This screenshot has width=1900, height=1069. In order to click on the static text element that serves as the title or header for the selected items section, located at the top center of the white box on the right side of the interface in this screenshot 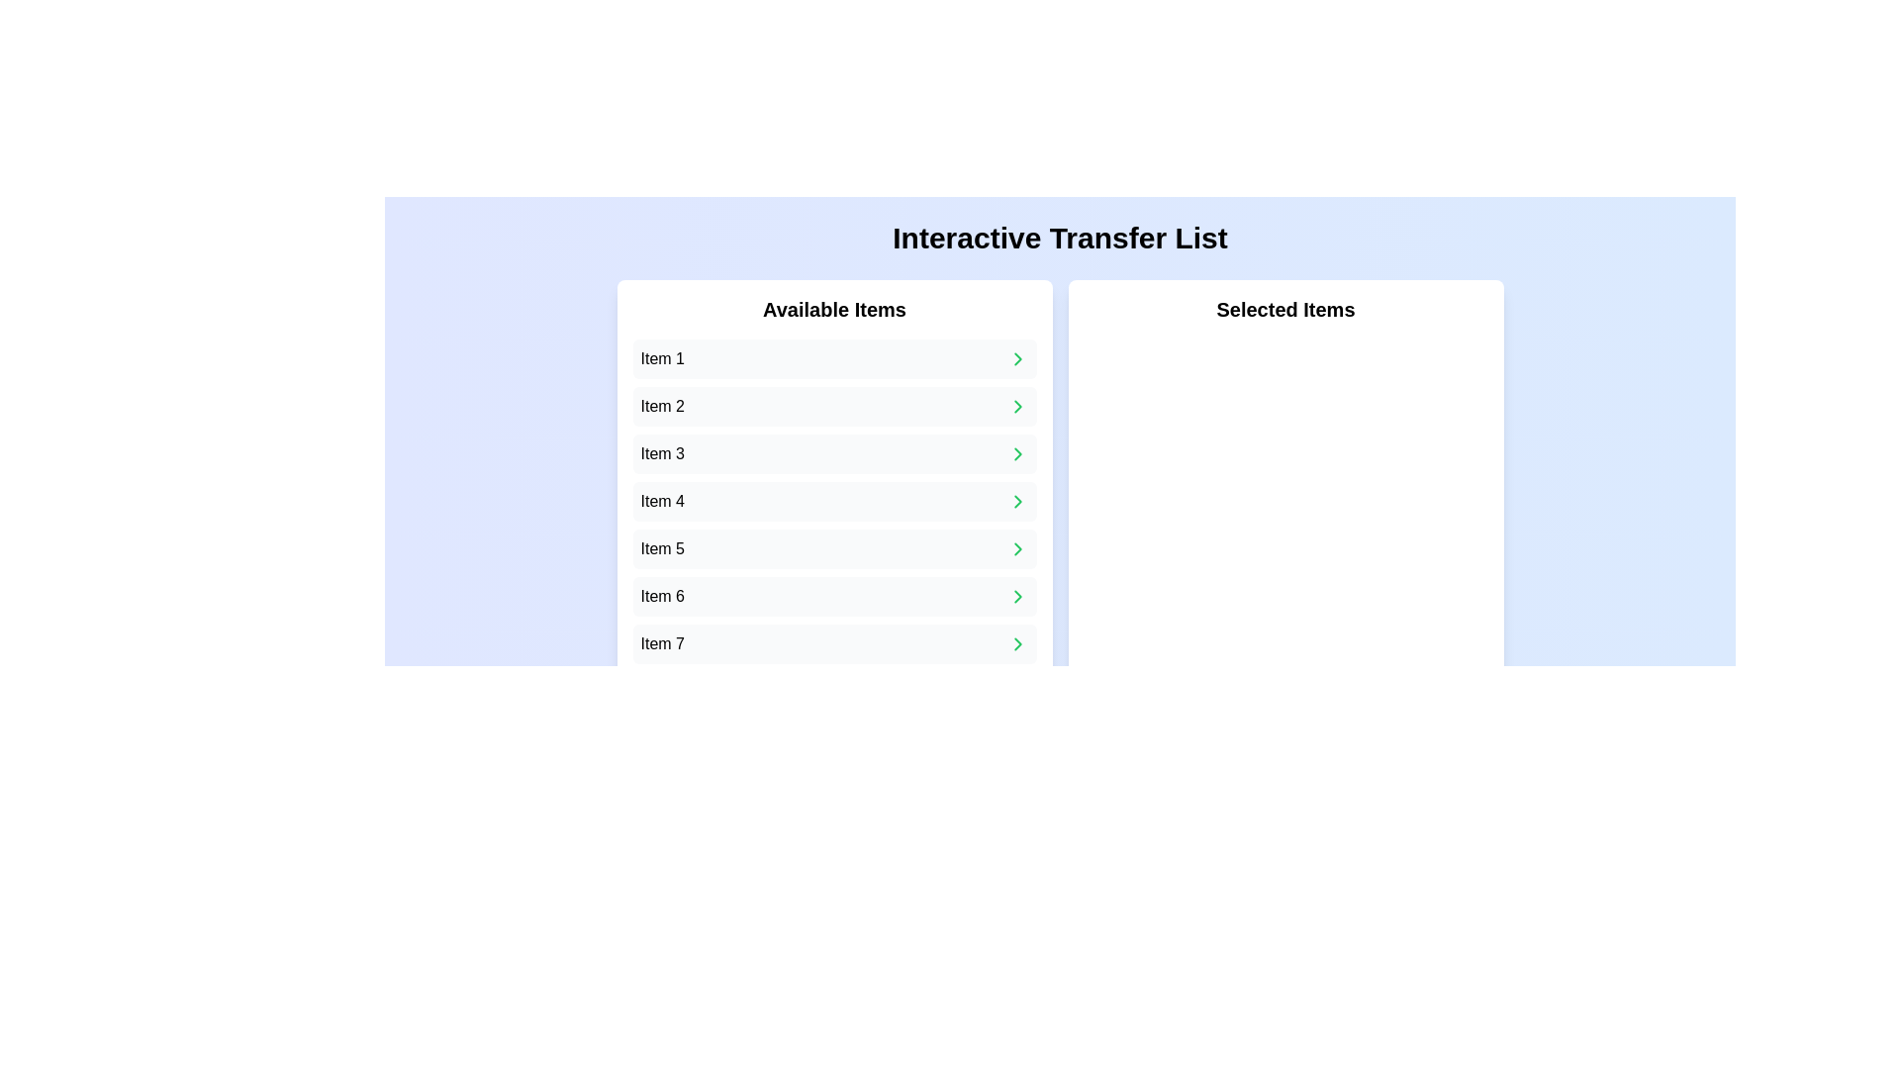, I will do `click(1285, 309)`.